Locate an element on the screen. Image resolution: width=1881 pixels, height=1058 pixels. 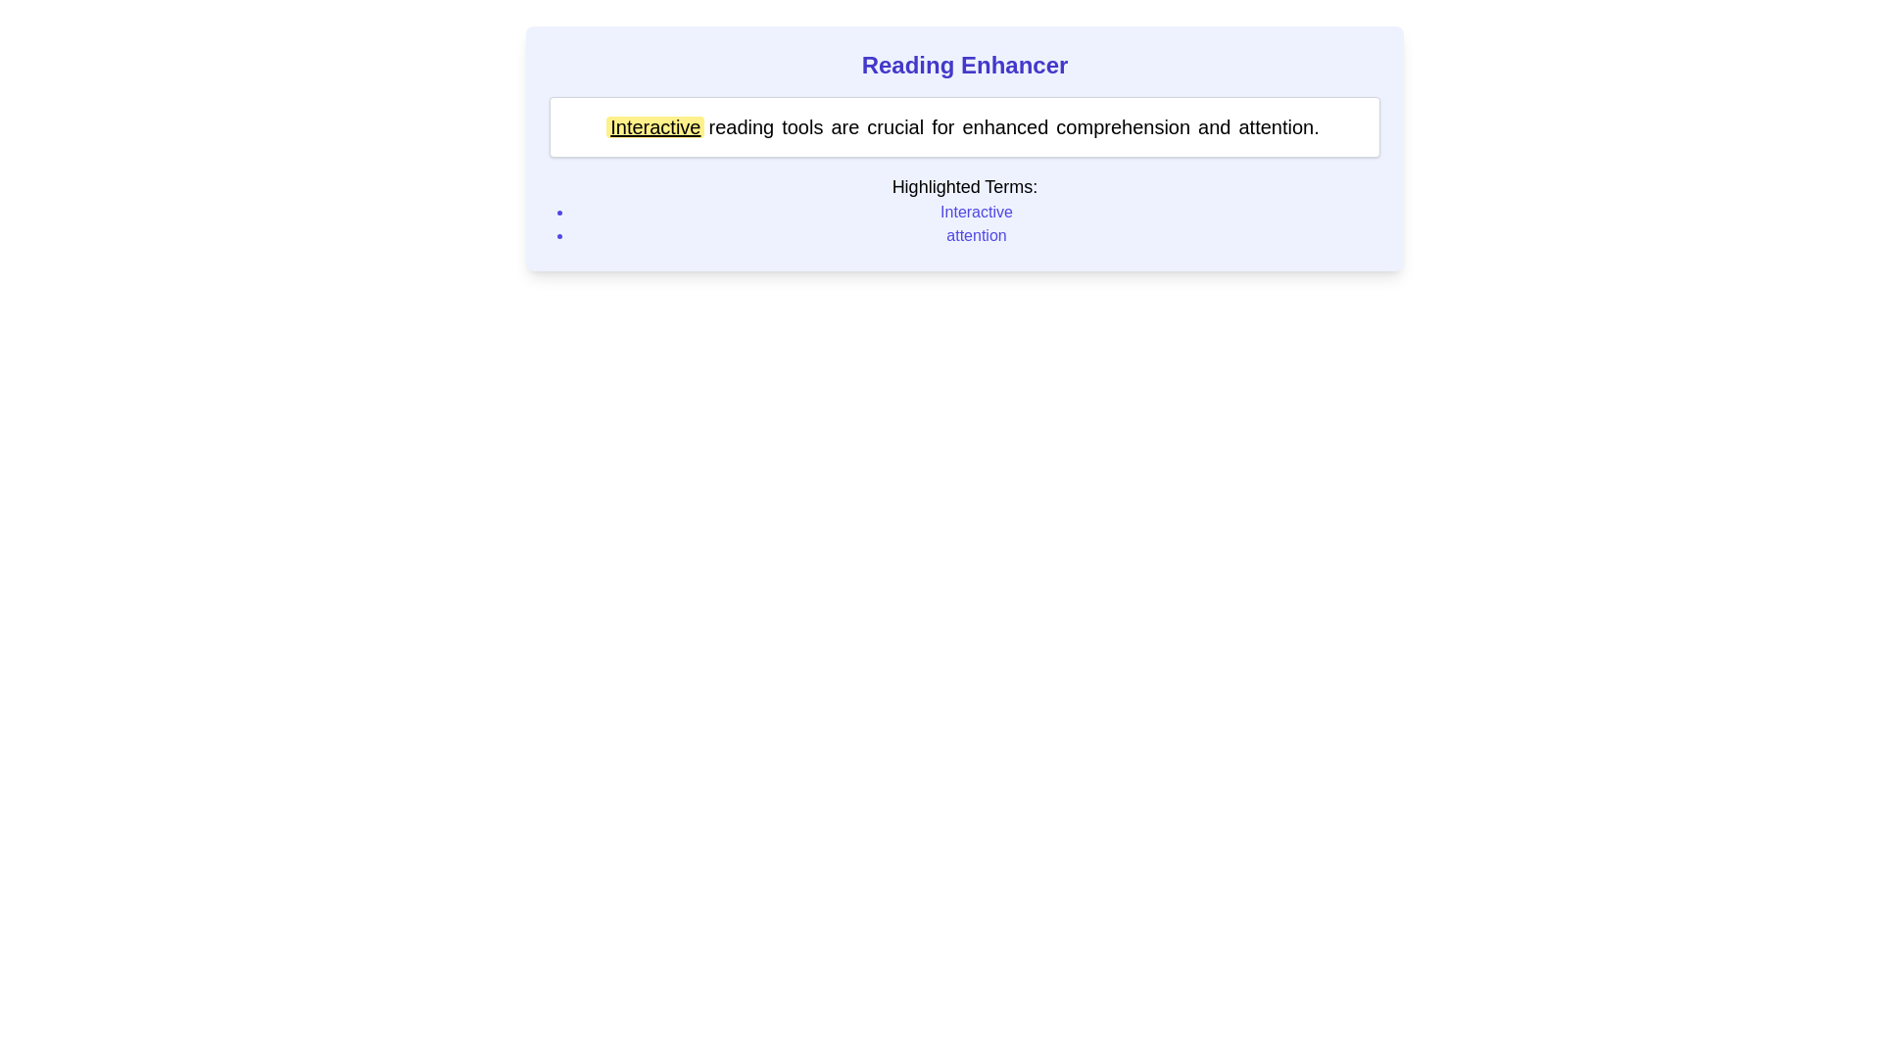
the second word in the text series that follows 'Interactive' and precedes 'tools', which serves as a non-interactive text label is located at coordinates (740, 127).